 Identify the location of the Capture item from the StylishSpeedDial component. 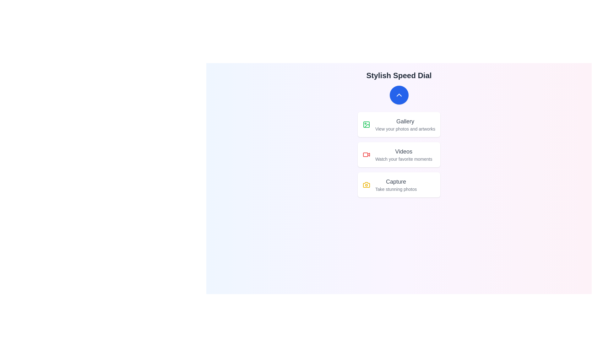
(399, 185).